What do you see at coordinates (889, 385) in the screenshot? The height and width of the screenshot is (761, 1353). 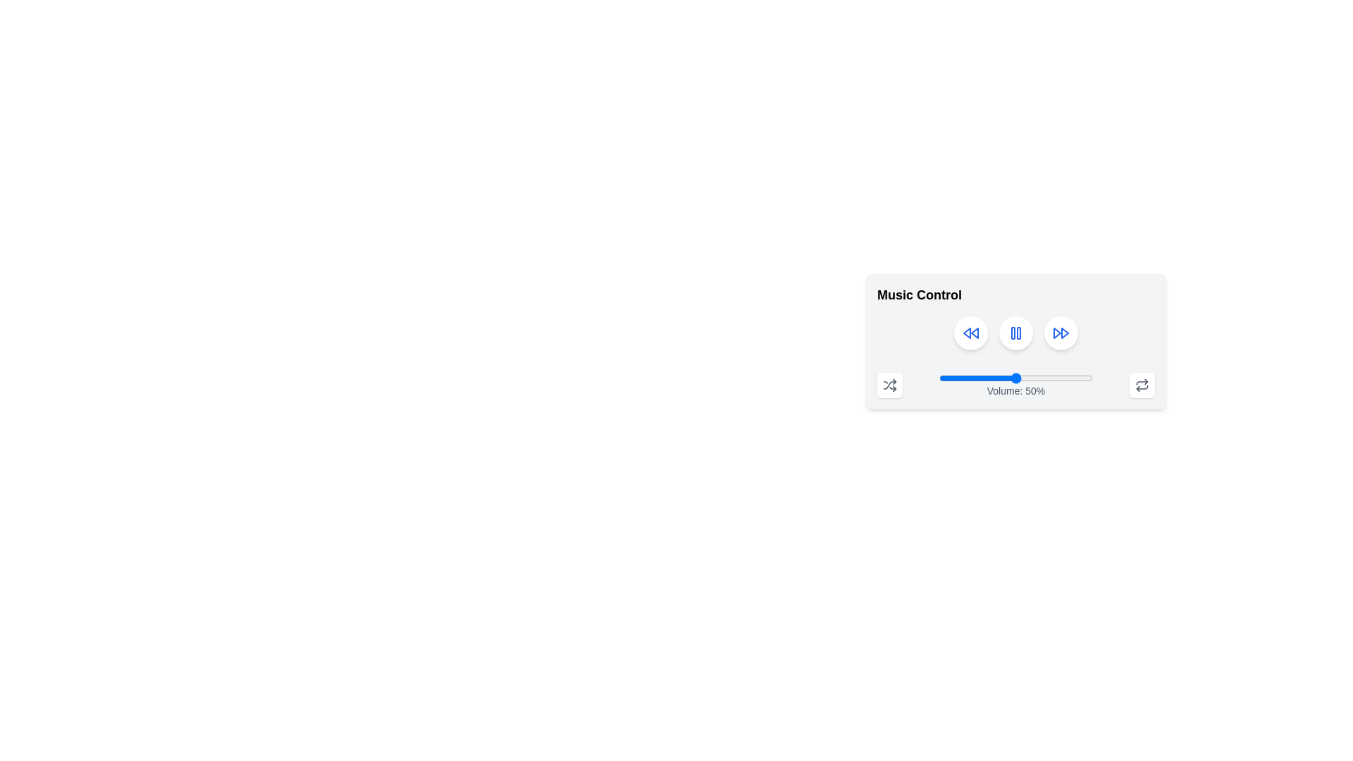 I see `the shuffle button located in the bottom-left part of the 'Music Control' interface` at bounding box center [889, 385].